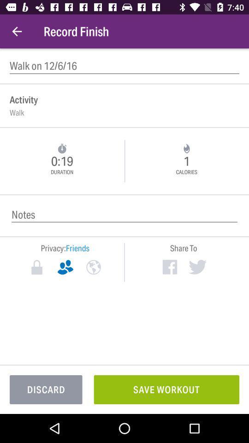  I want to click on the icon to the left of record finish, so click(17, 31).